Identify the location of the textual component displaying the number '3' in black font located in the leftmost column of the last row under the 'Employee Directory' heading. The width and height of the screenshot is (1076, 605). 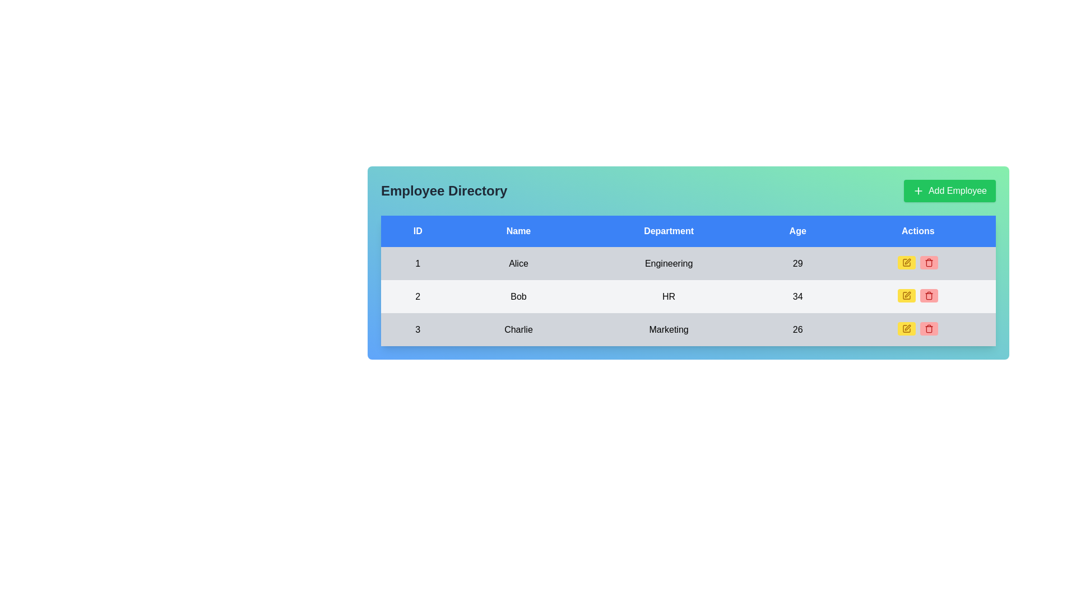
(417, 329).